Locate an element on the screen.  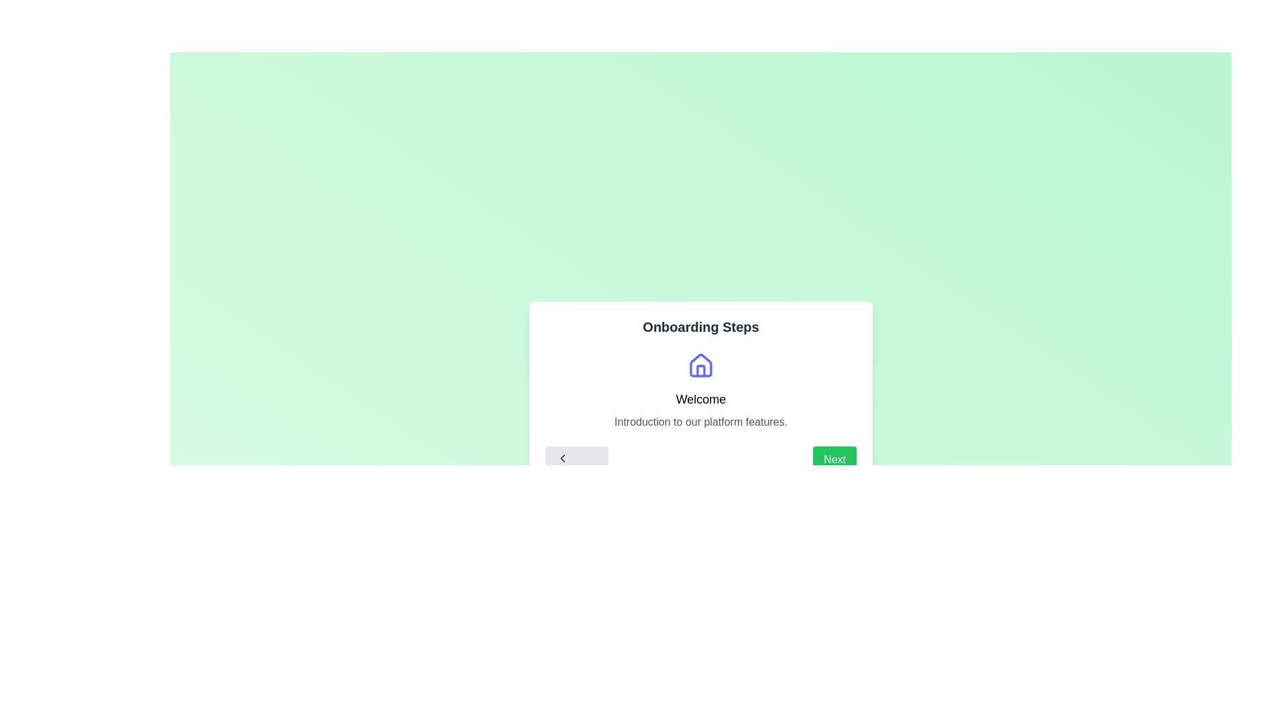
the green progress indicator dot in the onboarding steps located at the bottom of the modal window is located at coordinates (700, 507).